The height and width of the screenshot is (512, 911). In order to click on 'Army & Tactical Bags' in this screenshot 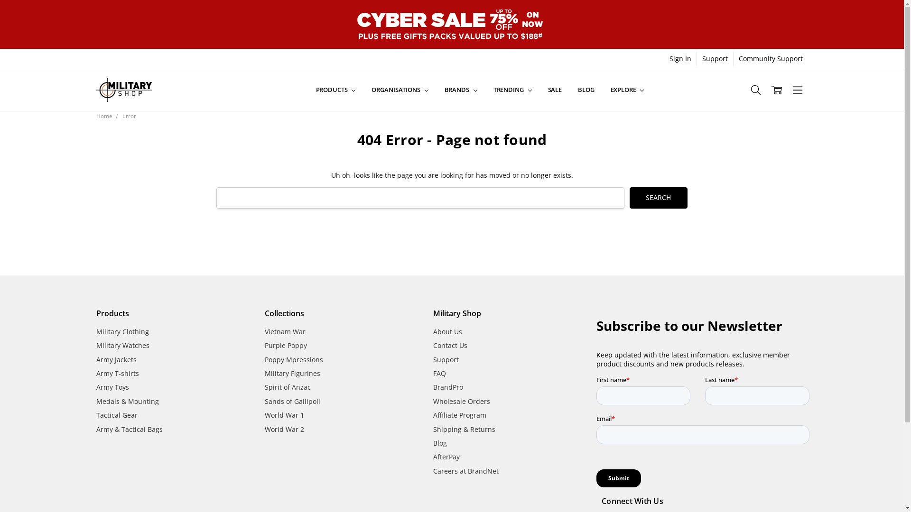, I will do `click(129, 429)`.